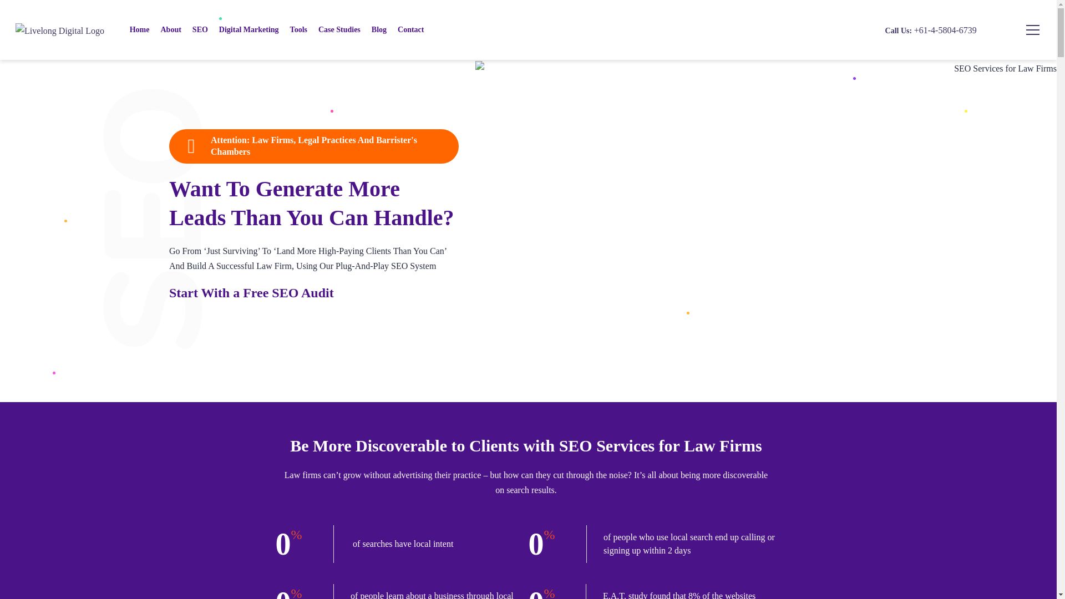  What do you see at coordinates (124, 29) in the screenshot?
I see `'Home'` at bounding box center [124, 29].